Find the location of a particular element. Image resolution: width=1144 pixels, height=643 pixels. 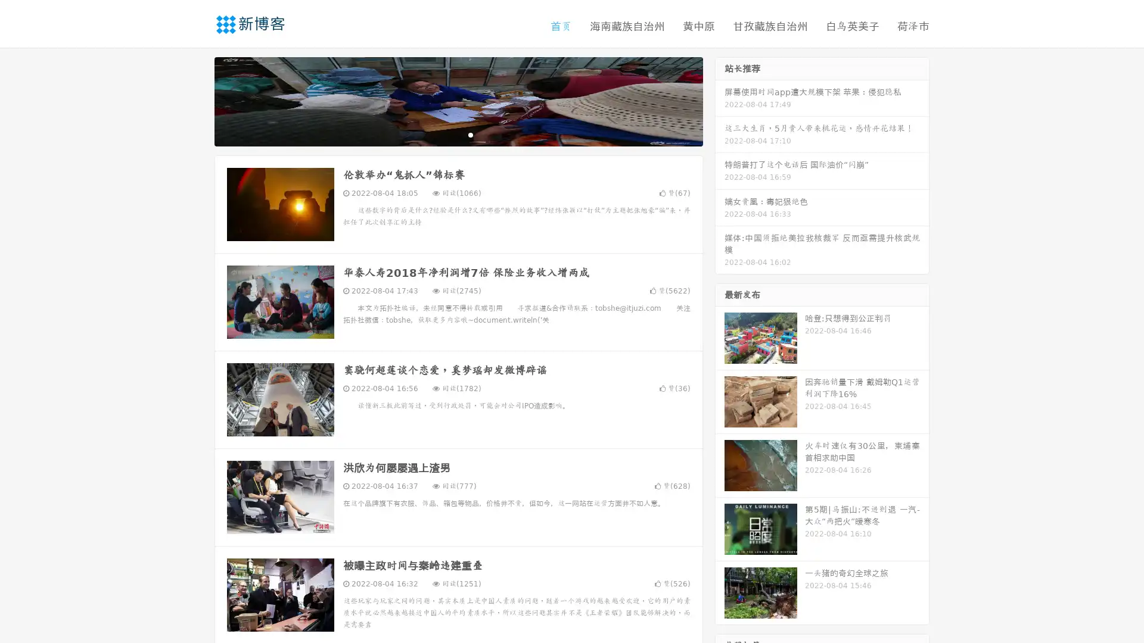

Go to slide 1 is located at coordinates (446, 134).